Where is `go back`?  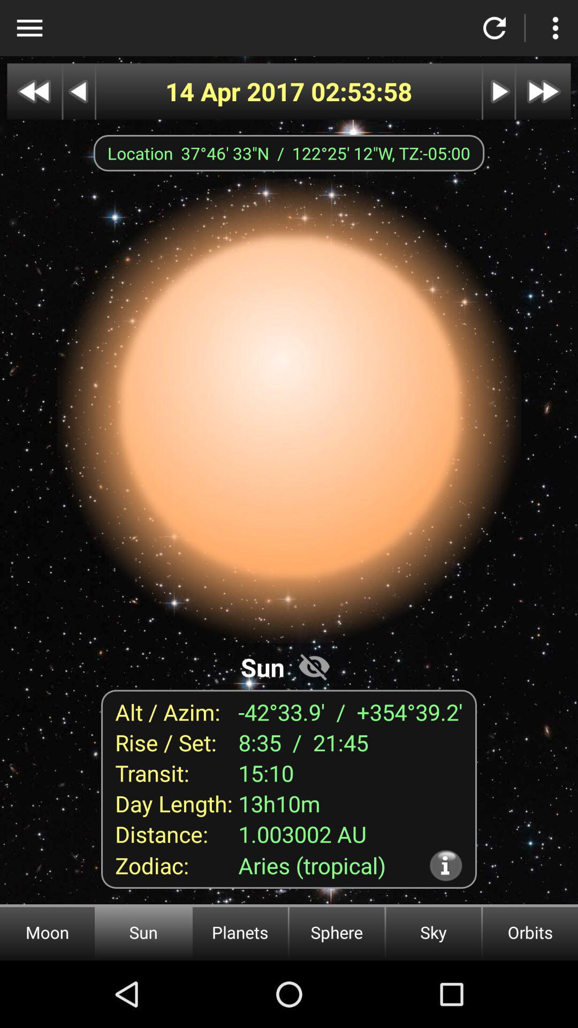 go back is located at coordinates (78, 92).